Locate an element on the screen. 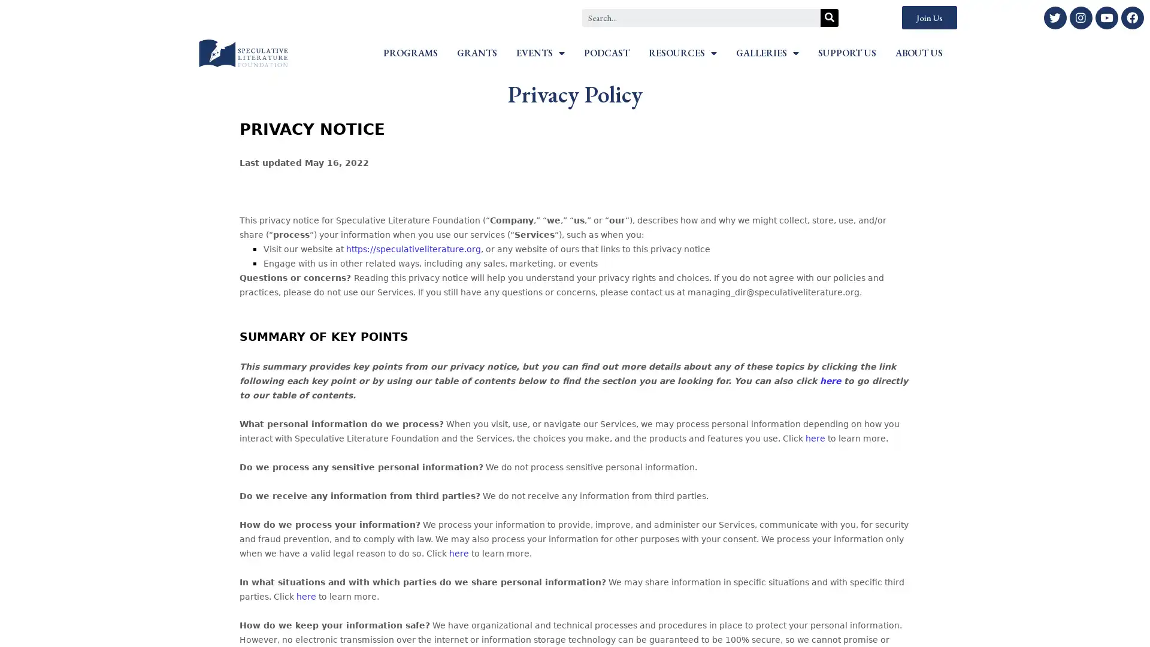  Search is located at coordinates (829, 17).